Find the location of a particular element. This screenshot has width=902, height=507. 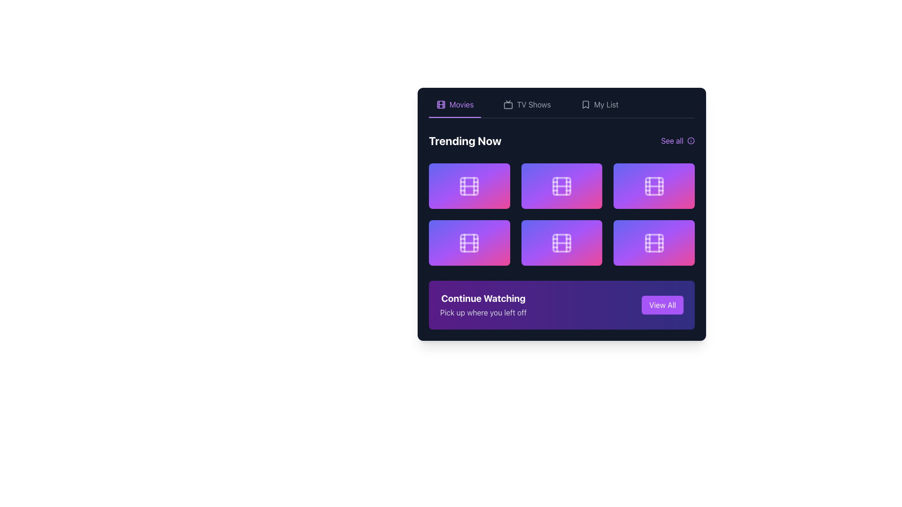

the Interactive Card located in the 'Trending Now' section is located at coordinates (469, 186).